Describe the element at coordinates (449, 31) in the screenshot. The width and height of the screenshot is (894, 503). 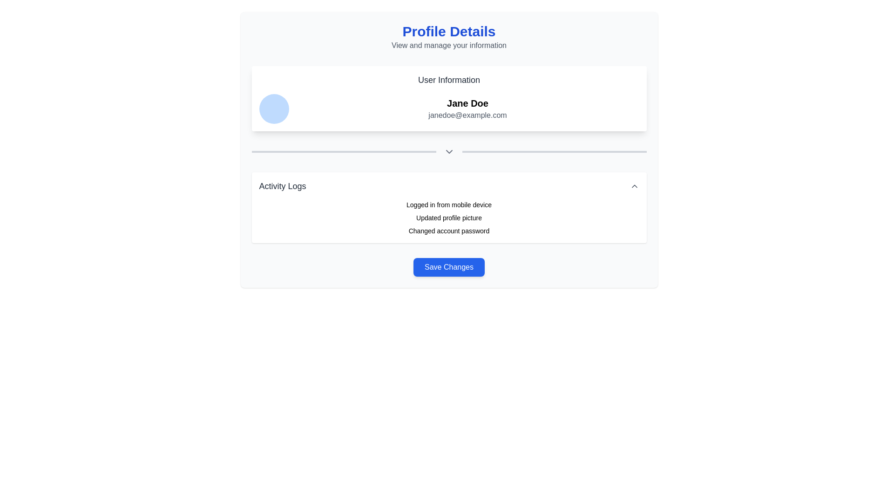
I see `the text header labeled 'Profile Details', which is styled in bold and large blue font, located at the top of the page` at that location.